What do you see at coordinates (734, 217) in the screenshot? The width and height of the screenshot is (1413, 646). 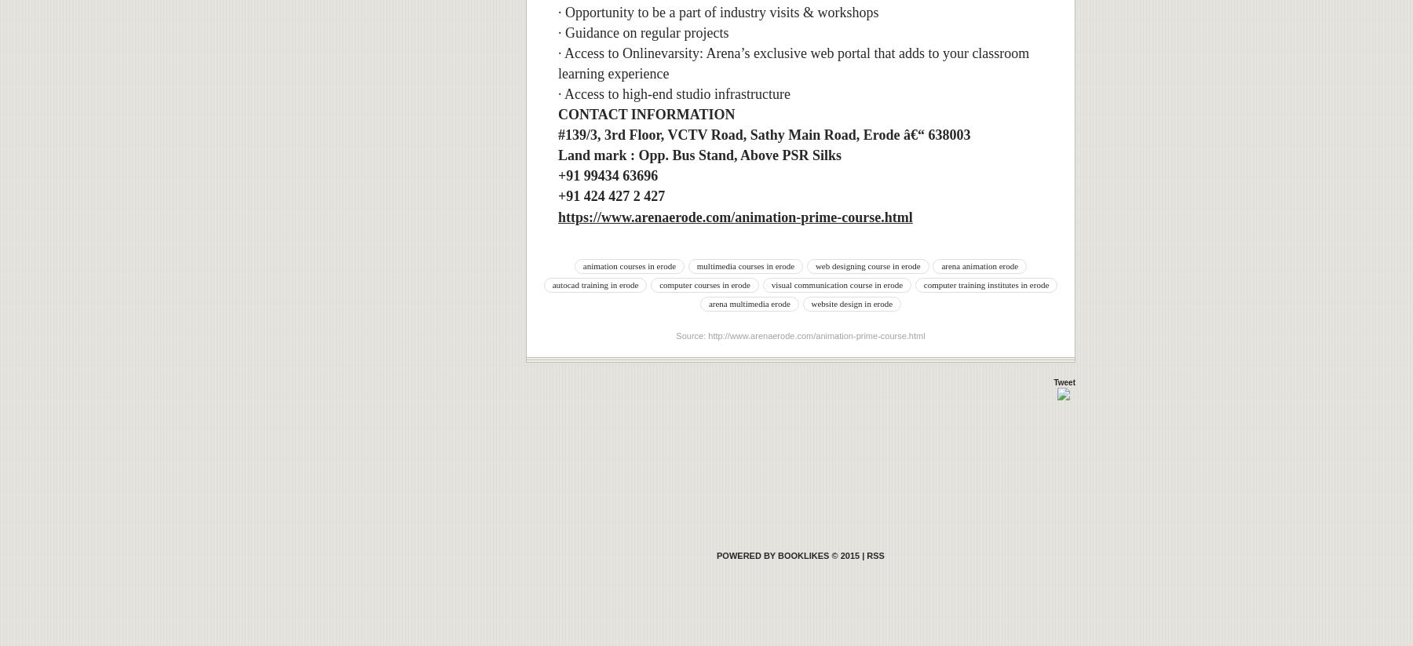 I see `'https://www.arenaerode.com/animation-prime-course.html'` at bounding box center [734, 217].